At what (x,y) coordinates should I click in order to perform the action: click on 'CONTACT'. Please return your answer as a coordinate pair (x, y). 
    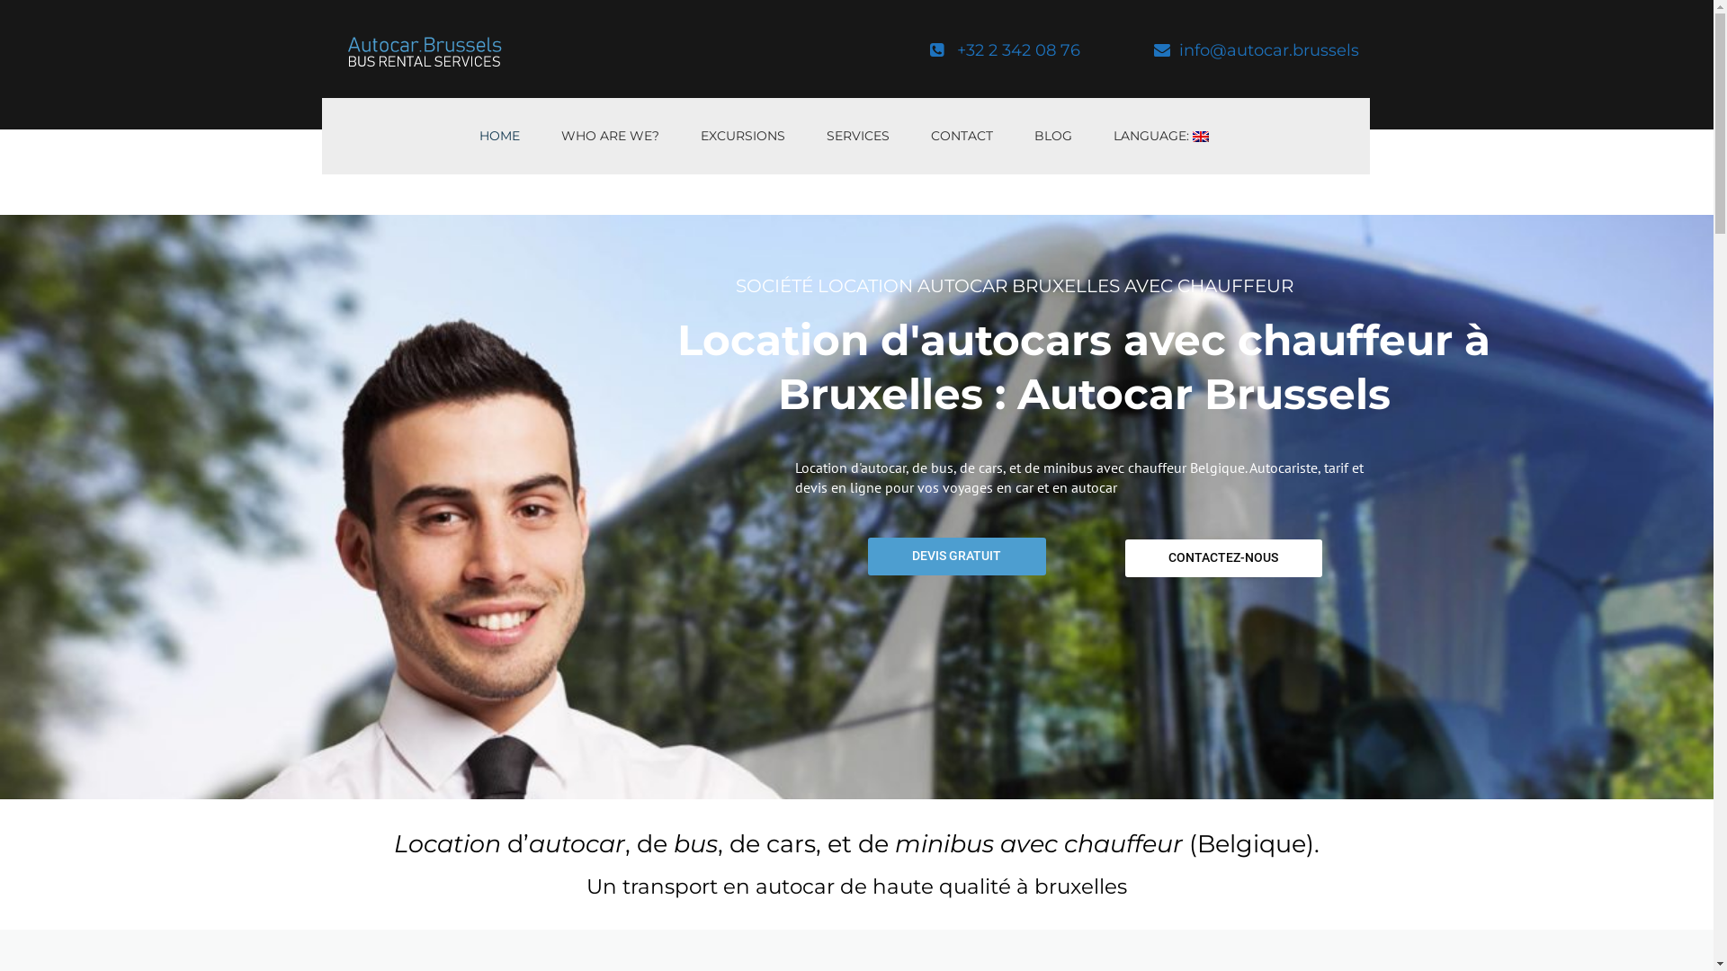
    Looking at the image, I should click on (911, 135).